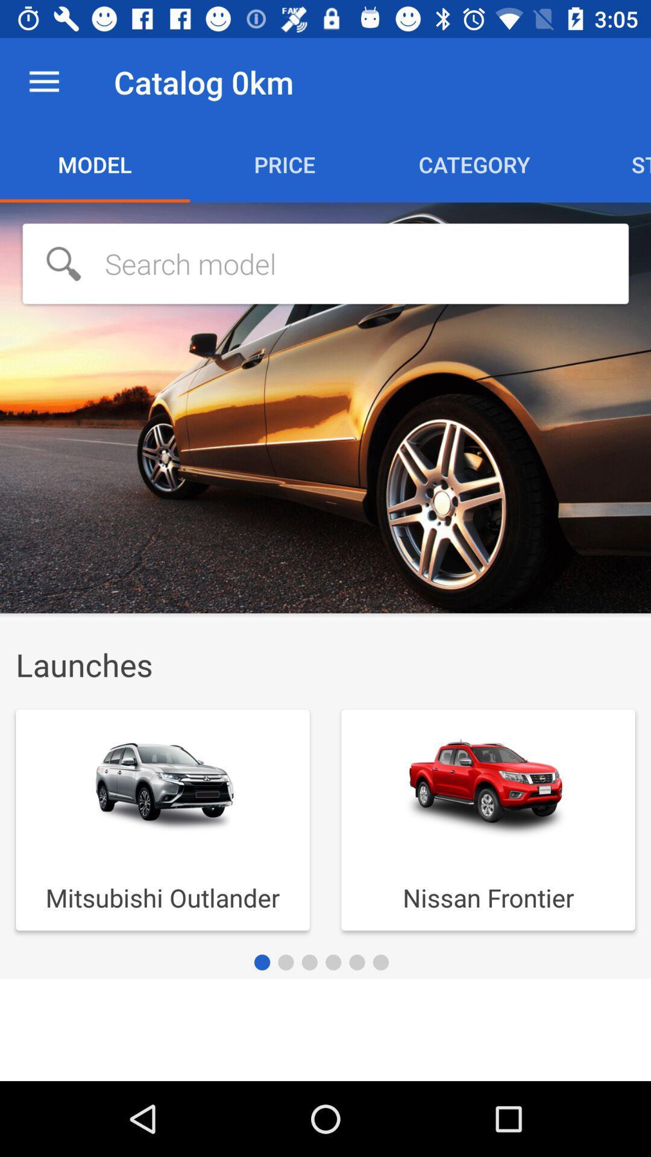  What do you see at coordinates (43, 81) in the screenshot?
I see `item above model icon` at bounding box center [43, 81].